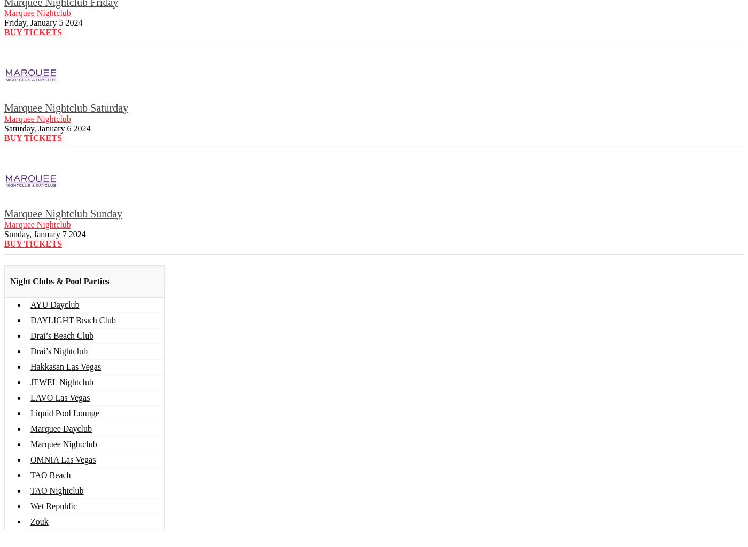 This screenshot has width=748, height=547. I want to click on 'Hakkasan Las Vegas', so click(30, 366).